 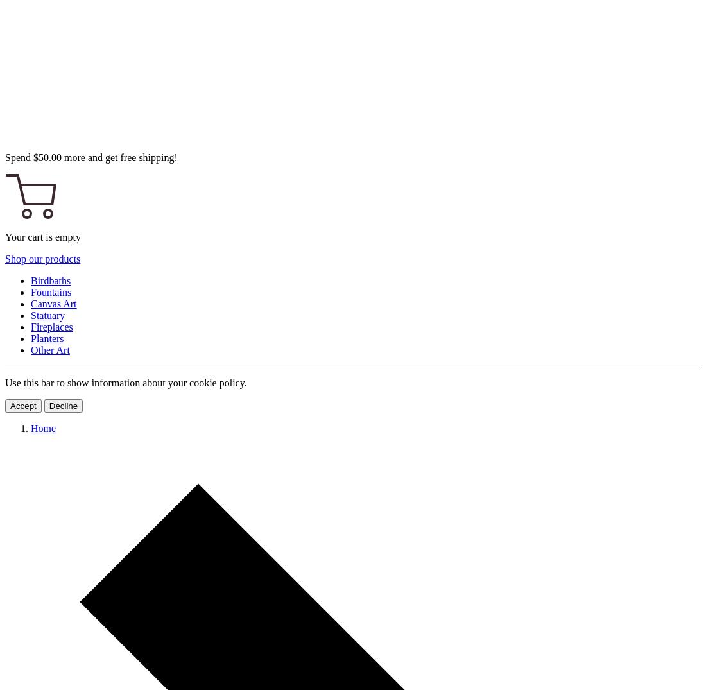 I want to click on 'Spend', so click(x=19, y=157).